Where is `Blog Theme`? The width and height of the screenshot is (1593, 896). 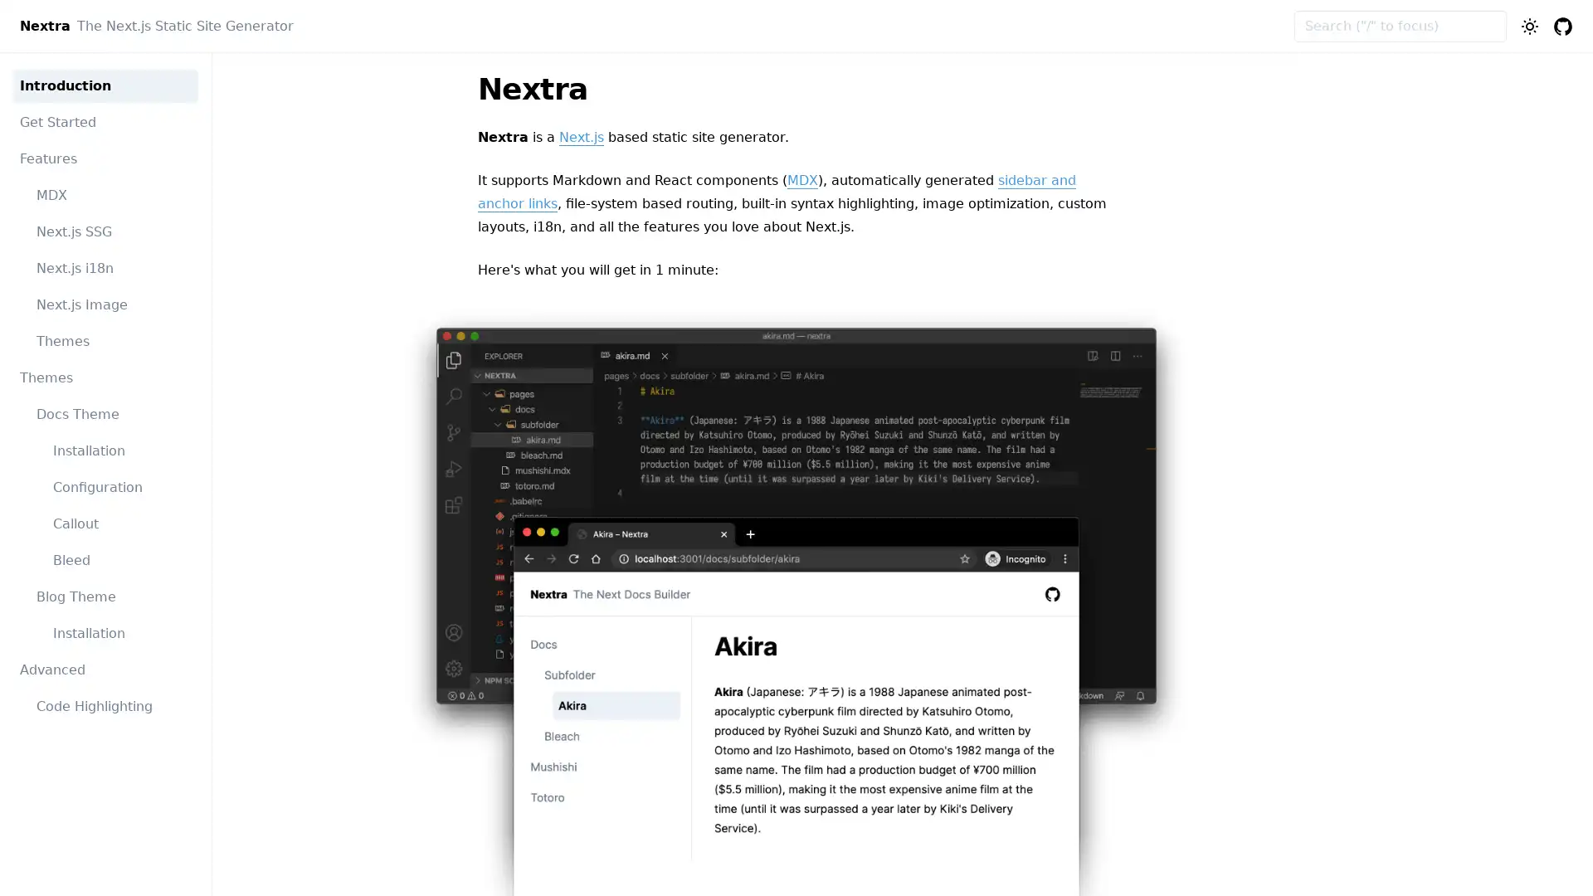 Blog Theme is located at coordinates (113, 597).